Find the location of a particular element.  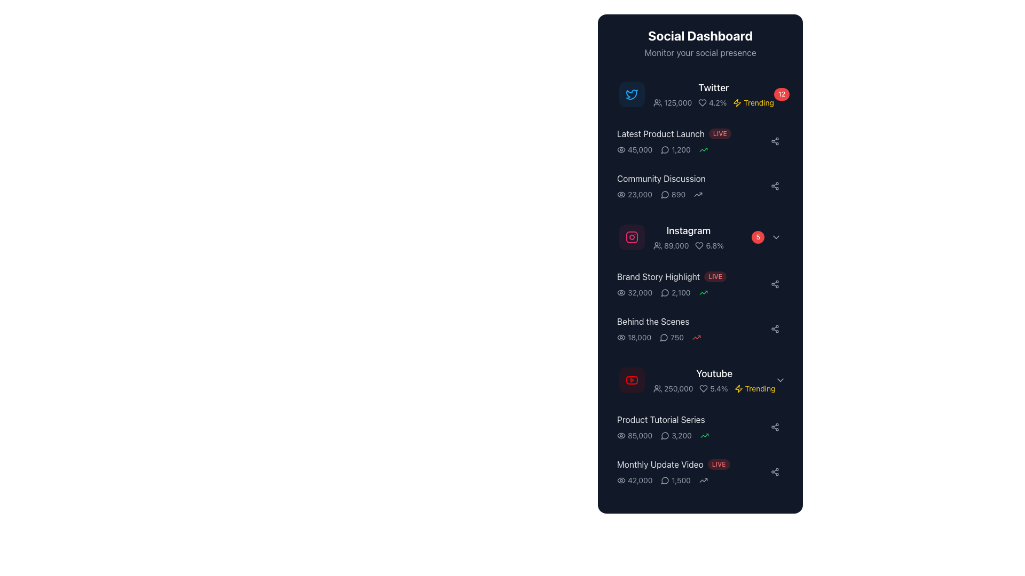

text label titled 'Product Tutorial Series' located in the lower right quadrant of the interface within the Youtube section of the dark-colored panel is located at coordinates (660, 419).